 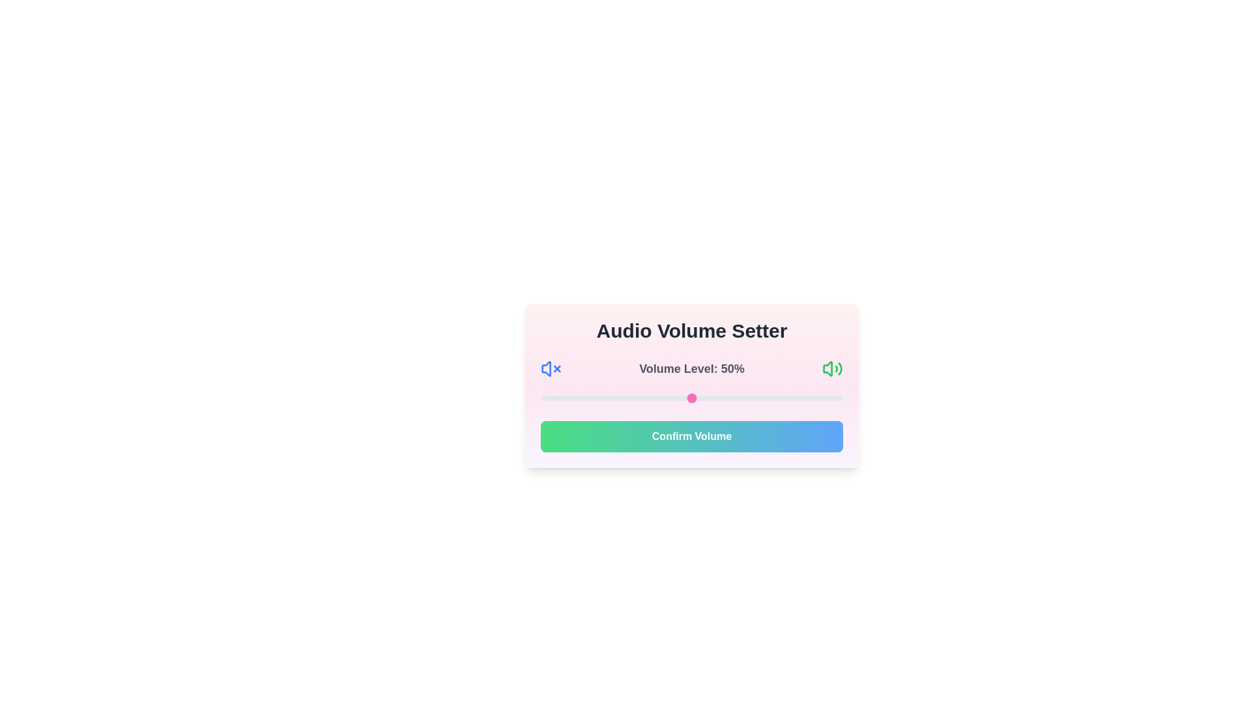 I want to click on the audio control SVG icon located in the upper-left section of the 'Audio Volume Setter' modal, so click(x=546, y=369).